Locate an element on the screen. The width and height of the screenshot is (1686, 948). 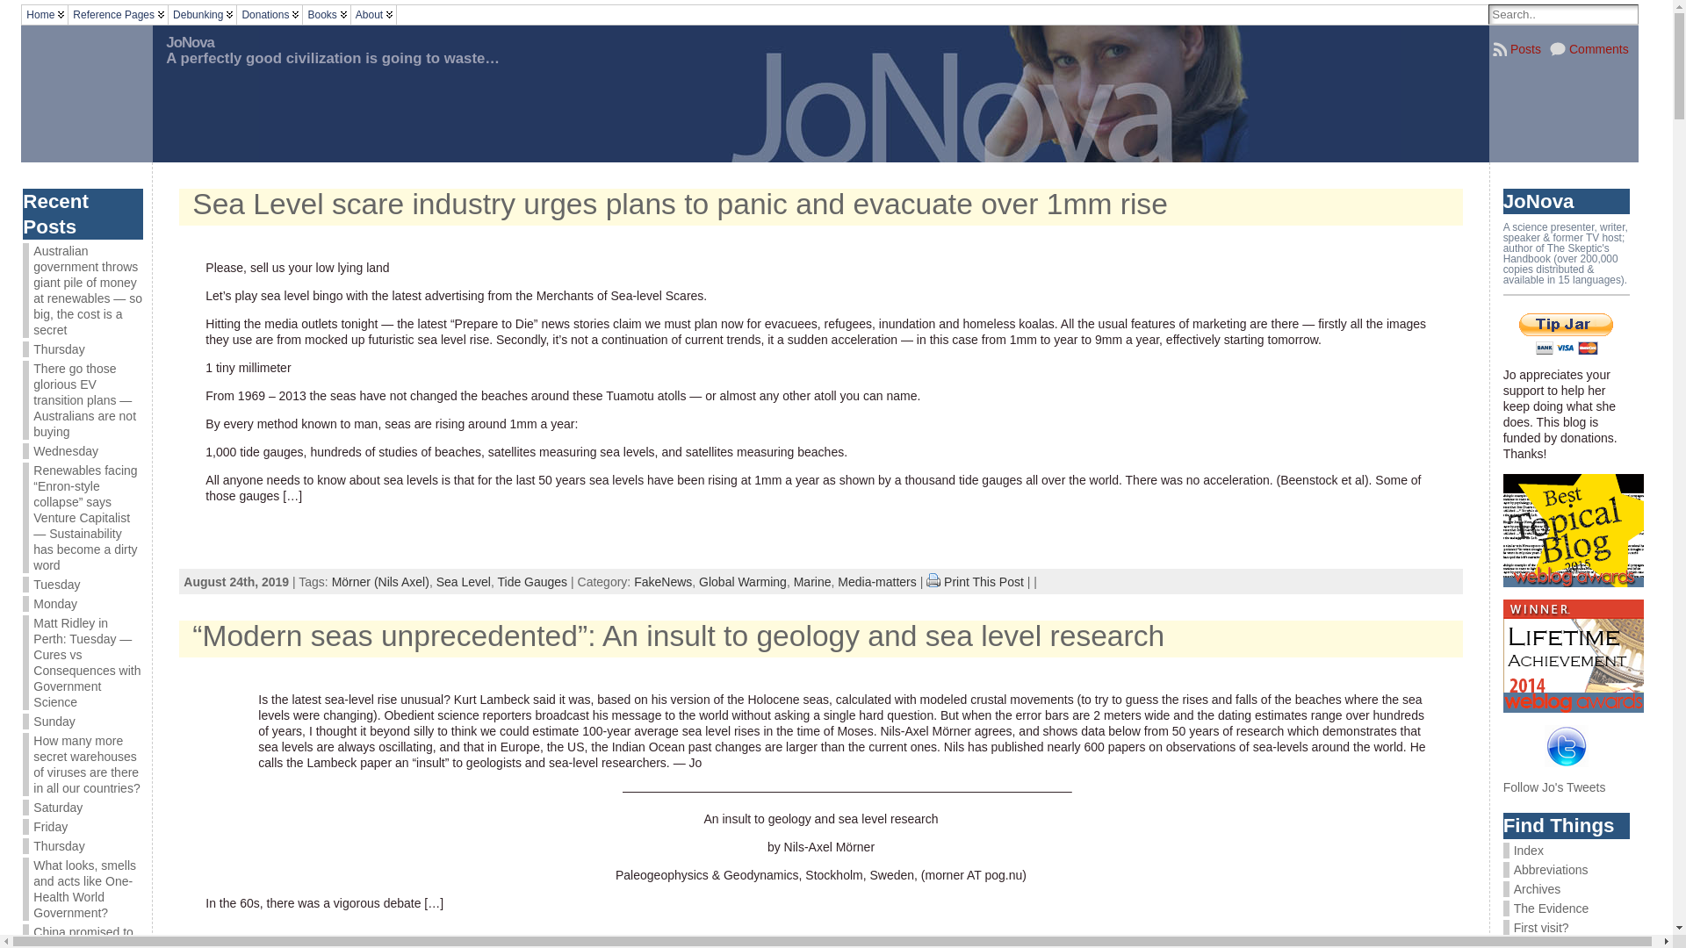
'Reference Pages' is located at coordinates (117, 14).